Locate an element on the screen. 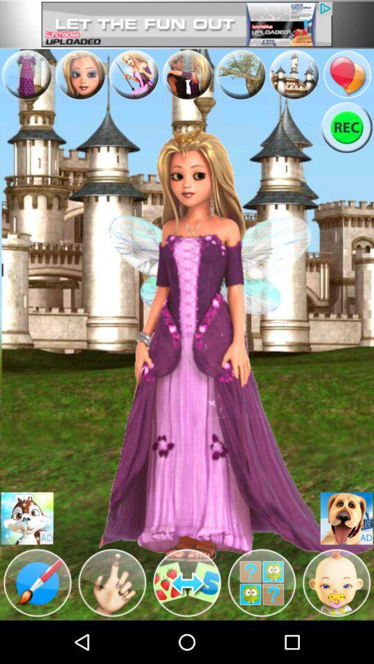 The image size is (374, 664). opens an advertisement is located at coordinates (346, 517).